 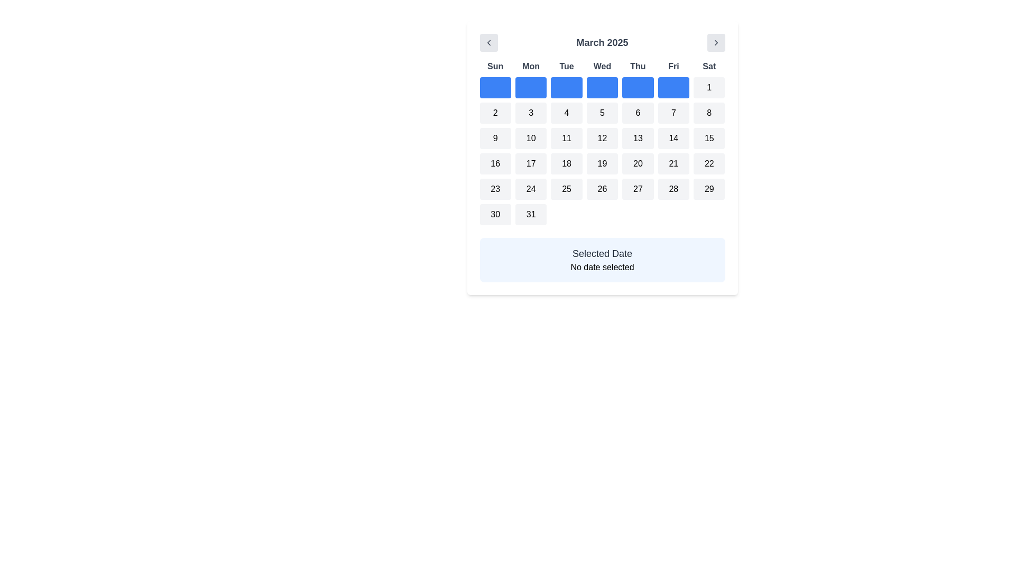 I want to click on the rounded rectangular button displaying the number '31' located in the bottom right corner of the calendar grid, so click(x=530, y=214).